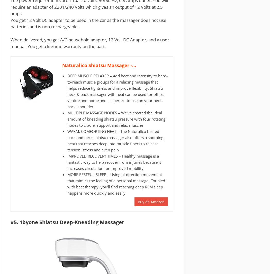 The height and width of the screenshot is (274, 270). I want to click on 'non-rechargeable', so click(60, 26).